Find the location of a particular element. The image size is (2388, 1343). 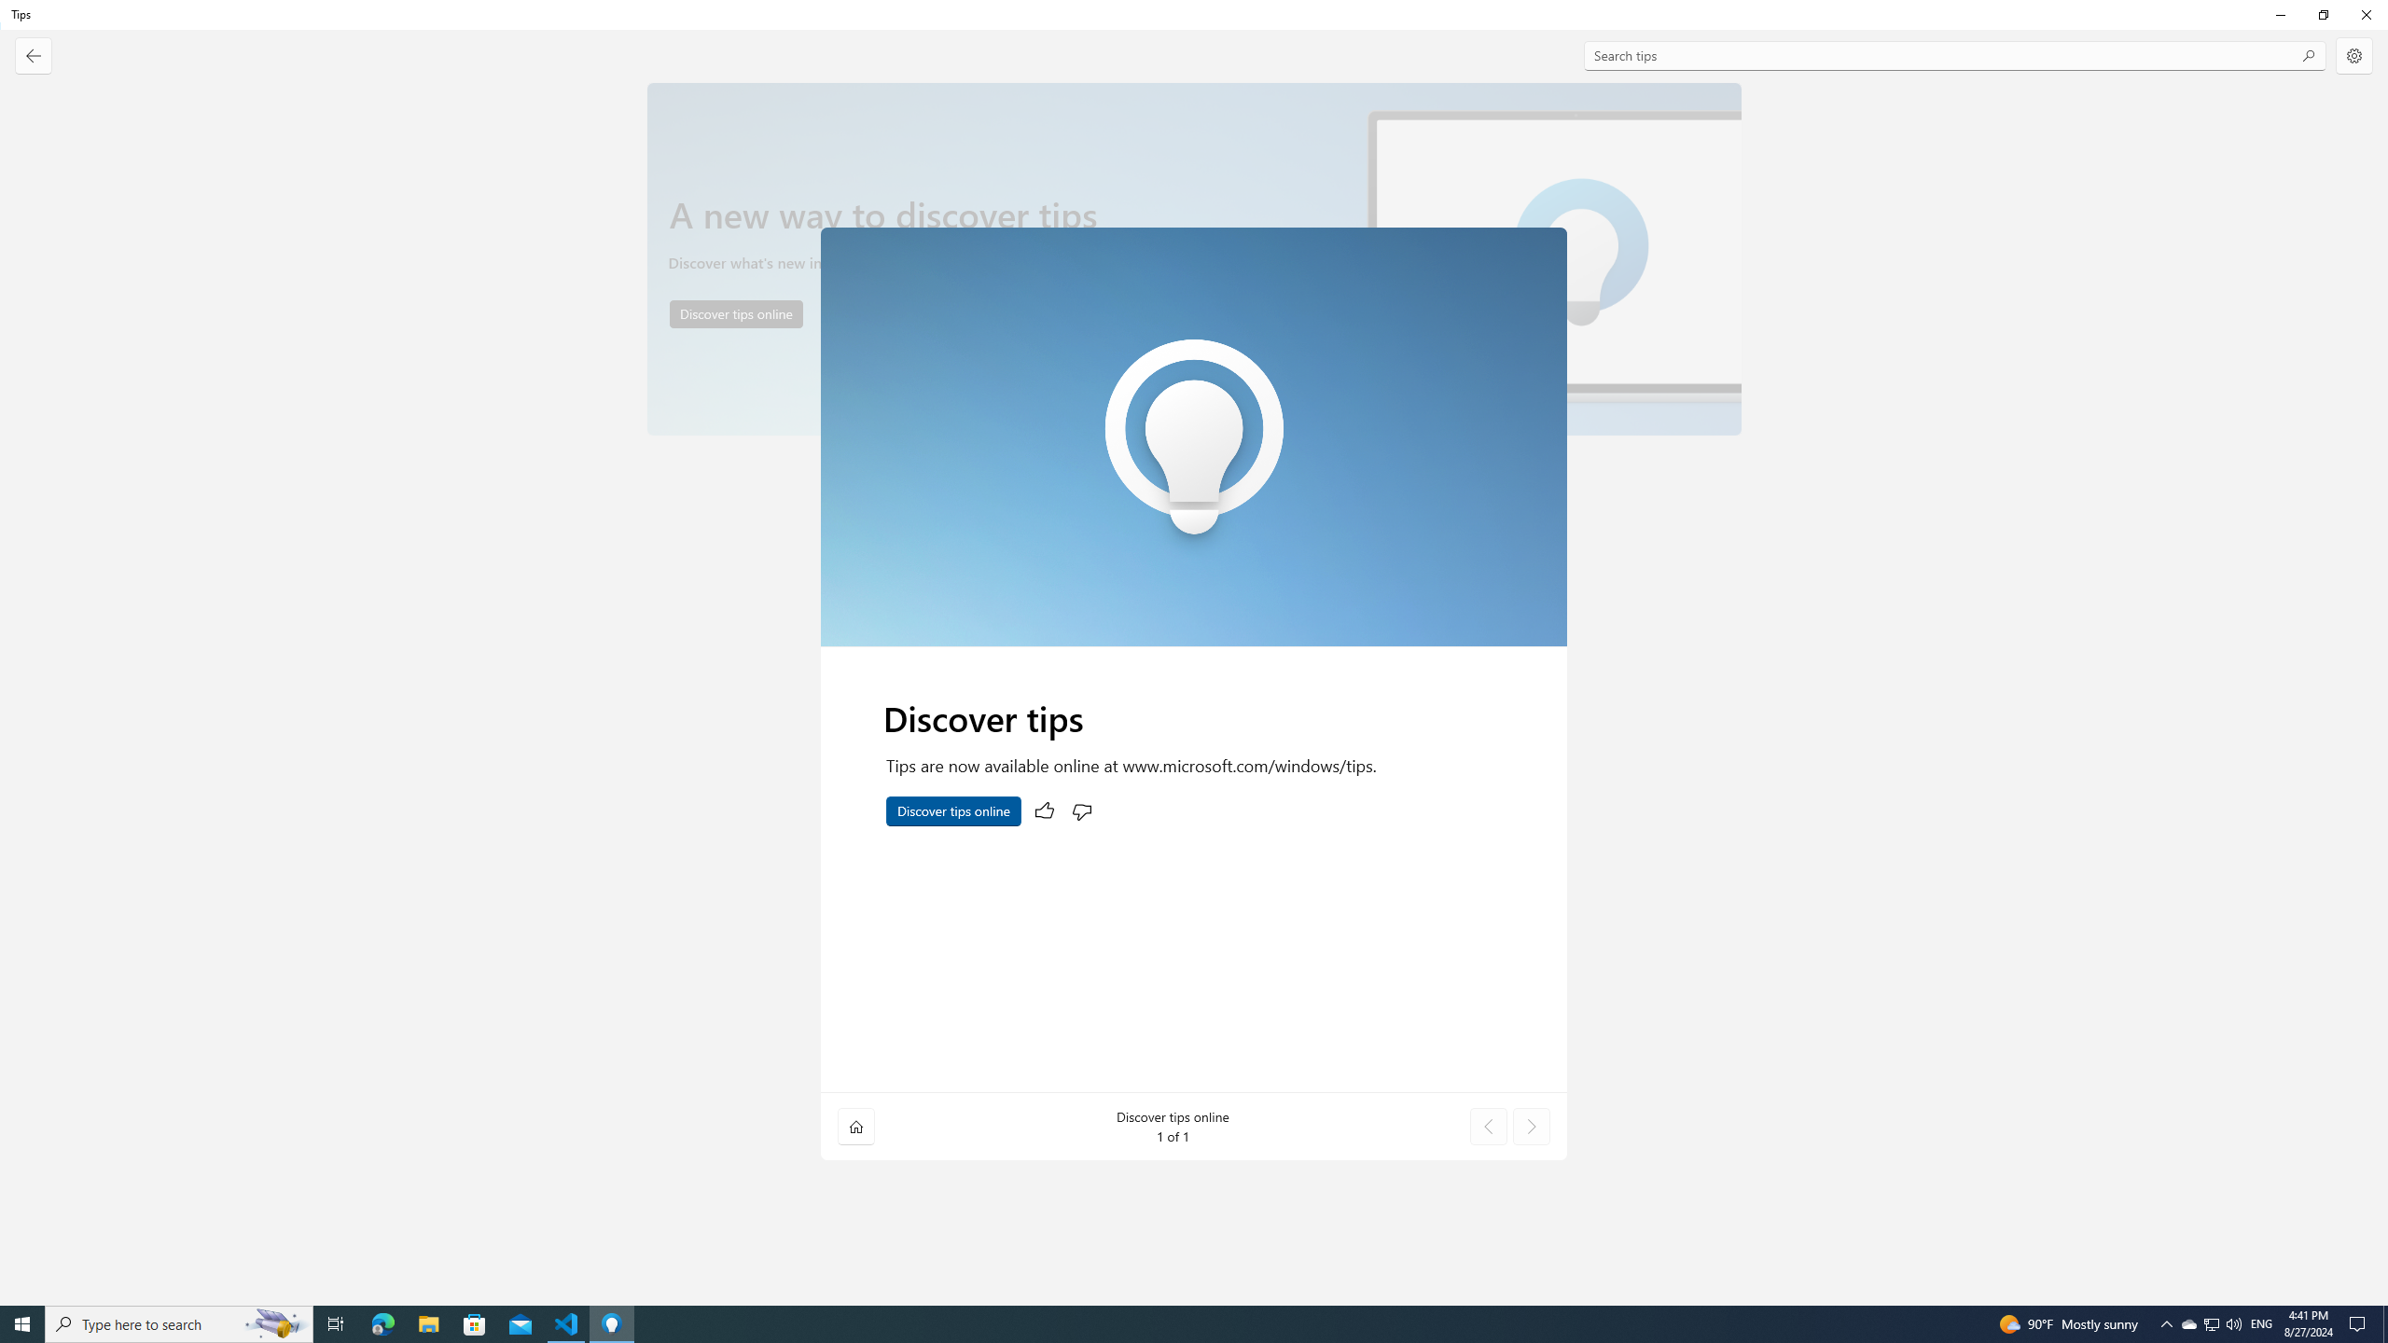

'Settings' is located at coordinates (2353, 56).